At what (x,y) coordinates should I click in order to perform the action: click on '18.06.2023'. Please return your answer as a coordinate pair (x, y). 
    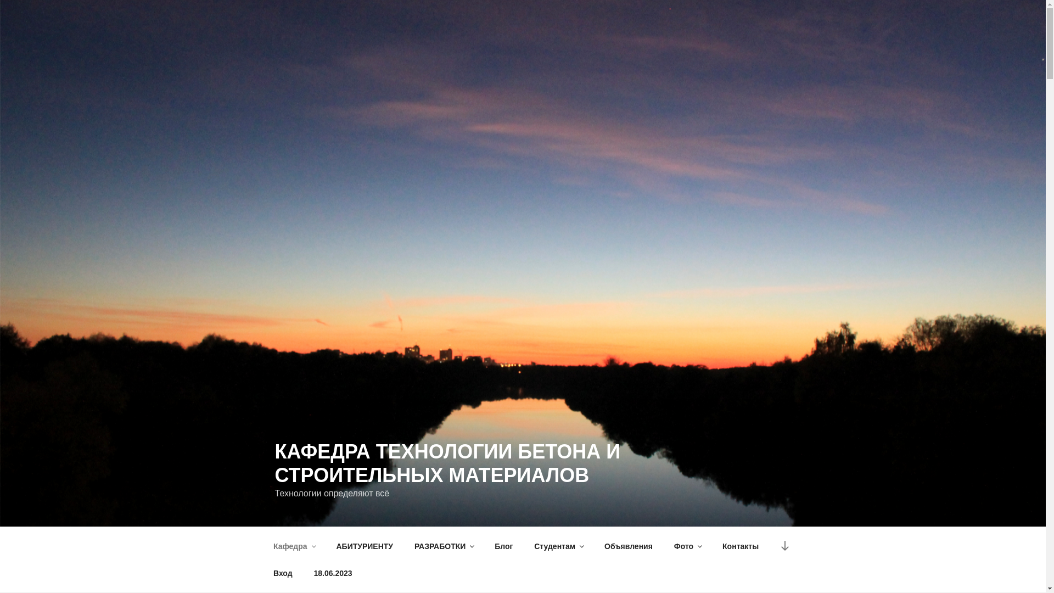
    Looking at the image, I should click on (332, 573).